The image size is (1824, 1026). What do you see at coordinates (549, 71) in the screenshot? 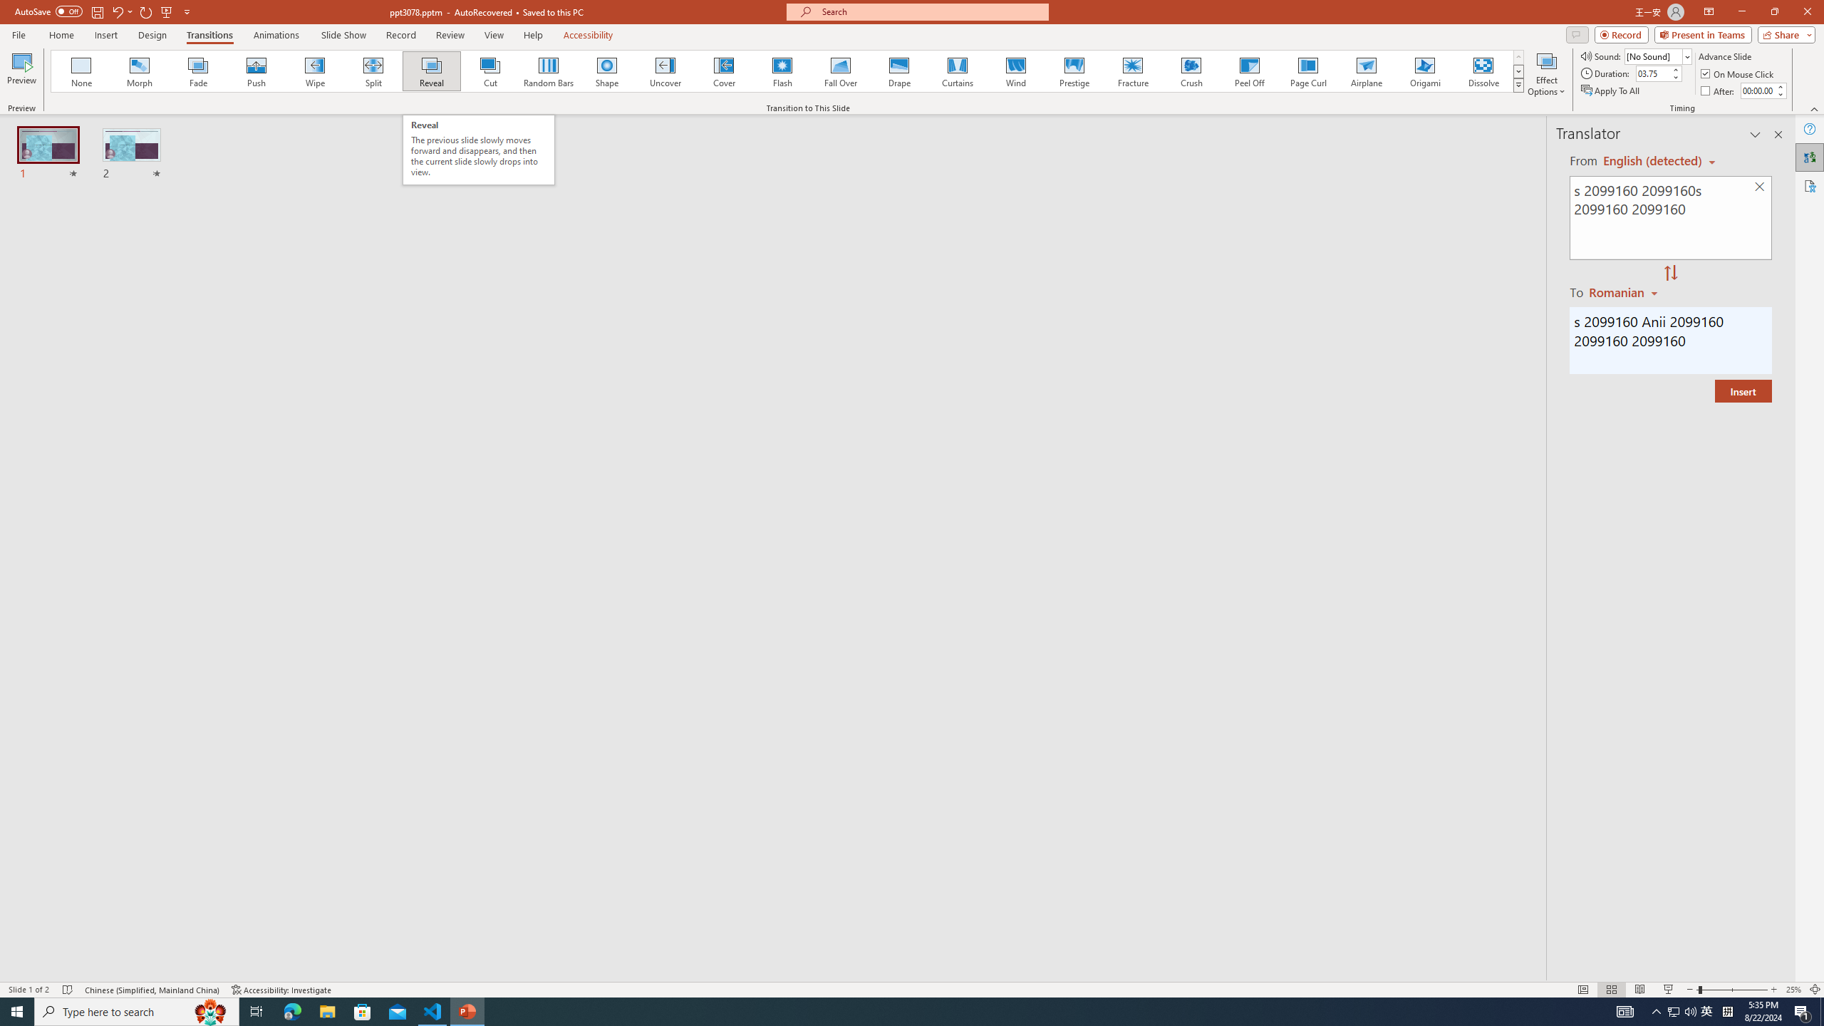
I see `'Random Bars'` at bounding box center [549, 71].